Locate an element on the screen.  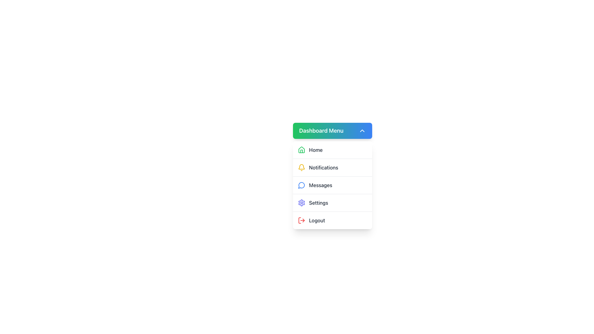
the decorative icon, which is the rightmost part of the 'Logout' icon in the drop-down menu is located at coordinates (303, 220).